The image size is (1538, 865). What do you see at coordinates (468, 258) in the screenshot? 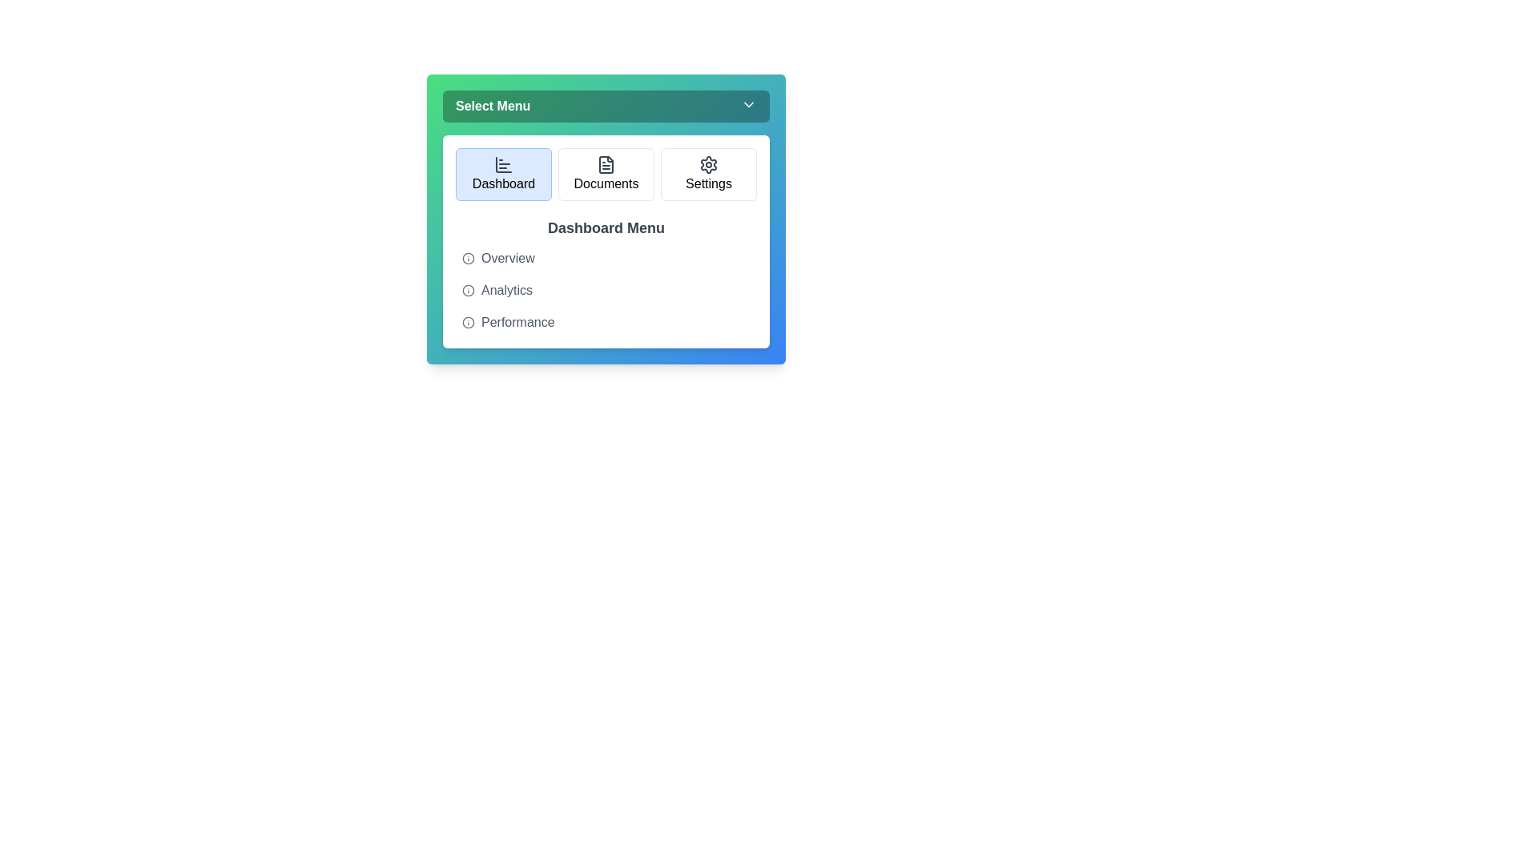
I see `the informational icon, which is a round, outlined icon with an inner 'i' shape located in the 'Overview' menu item of the Dashboard Menu` at bounding box center [468, 258].